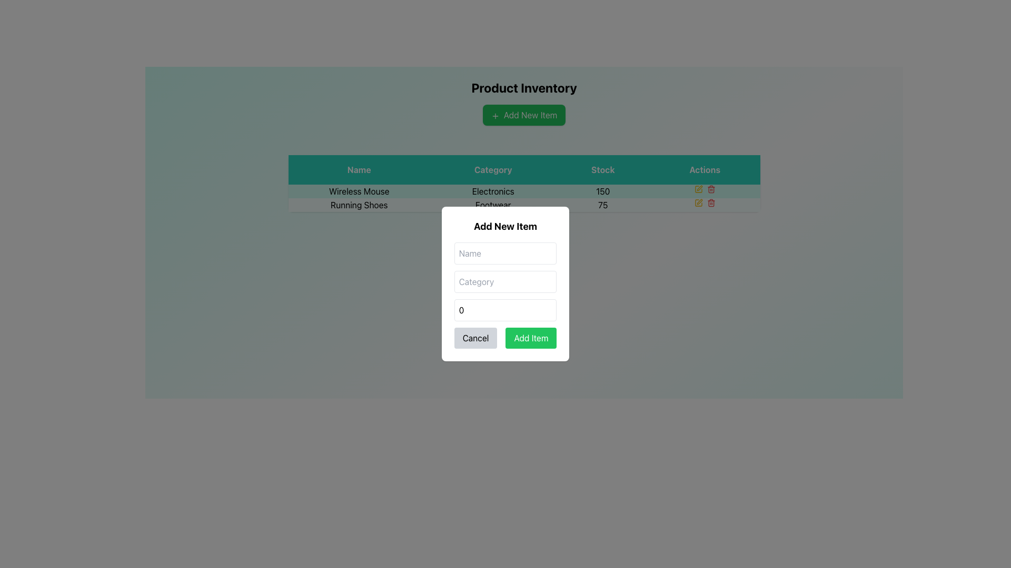 The width and height of the screenshot is (1011, 568). What do you see at coordinates (524, 115) in the screenshot?
I see `the 'Add Item' button located below the 'Product Inventory' title` at bounding box center [524, 115].